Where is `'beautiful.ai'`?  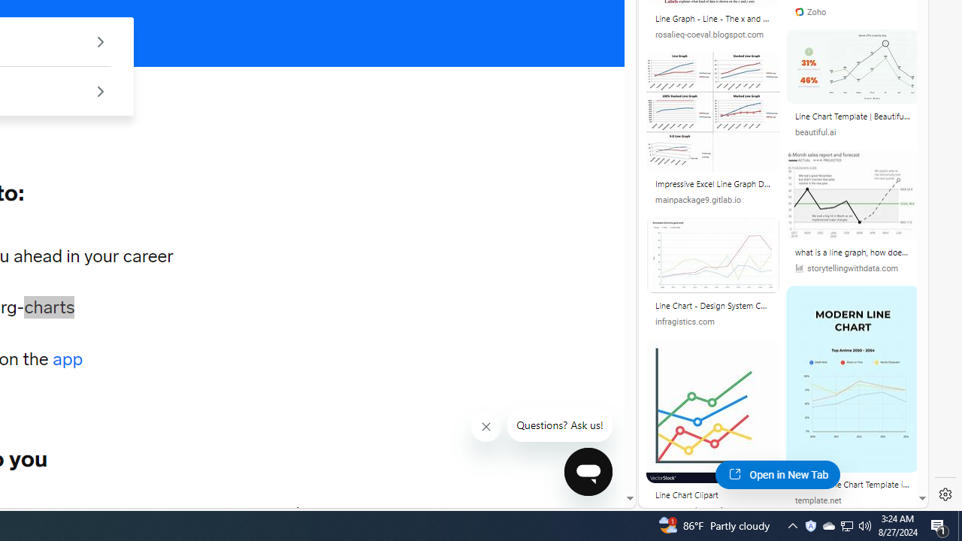 'beautiful.ai' is located at coordinates (815, 131).